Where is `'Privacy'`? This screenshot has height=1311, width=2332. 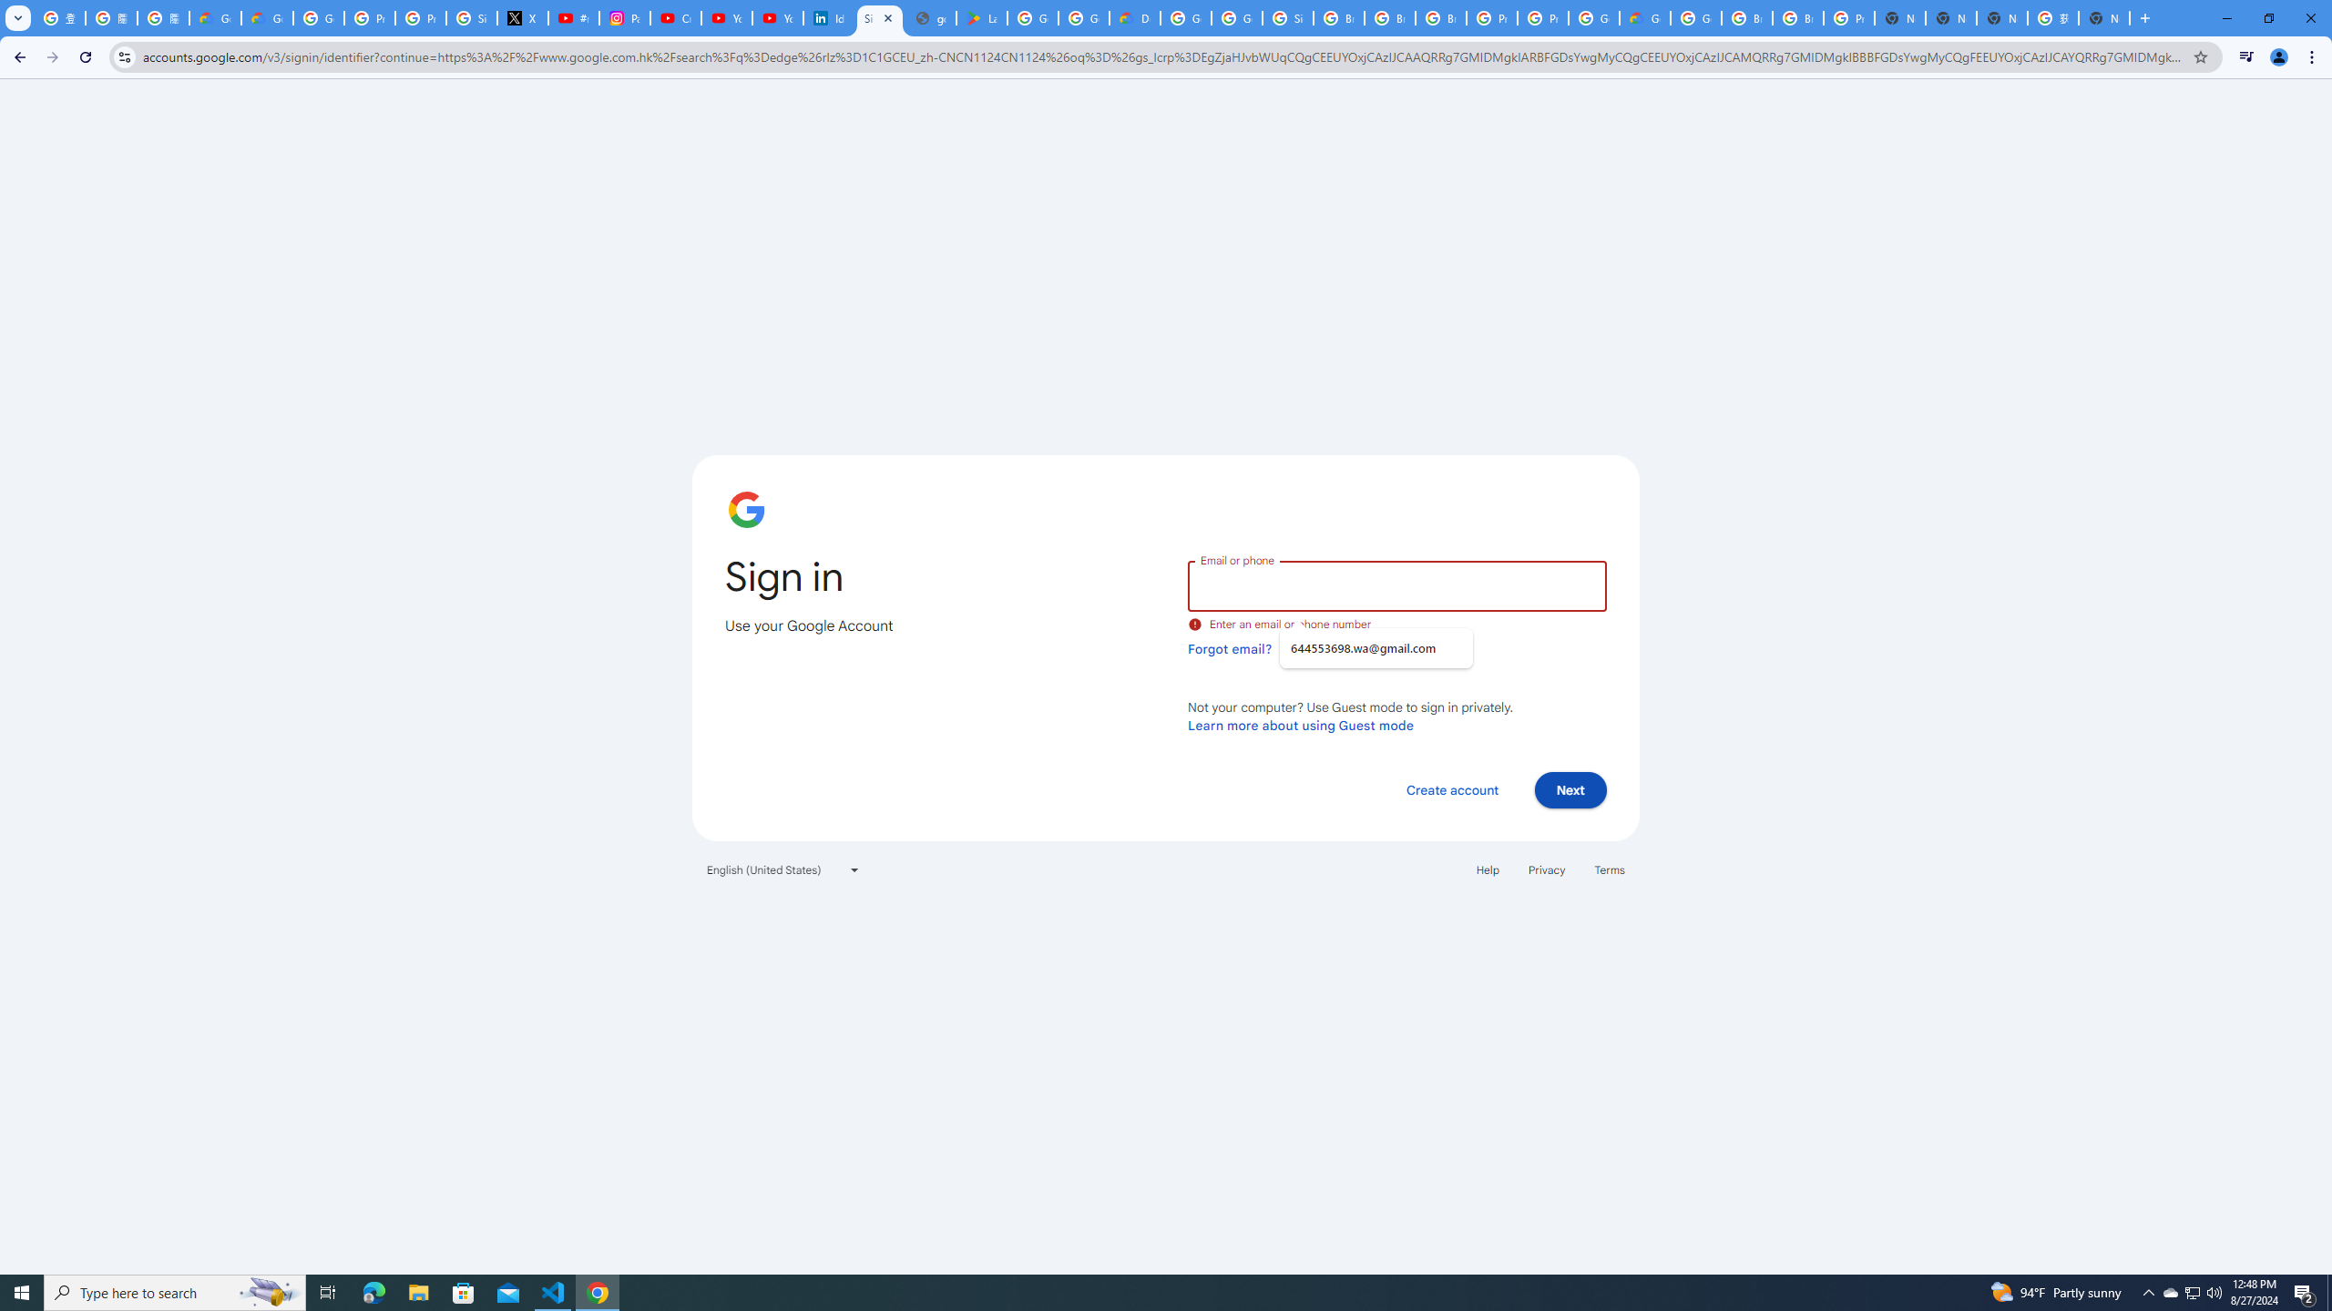
'Privacy' is located at coordinates (1545, 869).